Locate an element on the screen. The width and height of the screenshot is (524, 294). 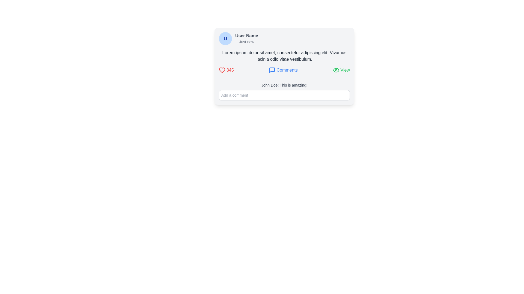
the text display element that reads 'John Doe: This is amazing!' in the comment section, which is positioned above the input field labeled 'Add a comment' is located at coordinates (284, 89).